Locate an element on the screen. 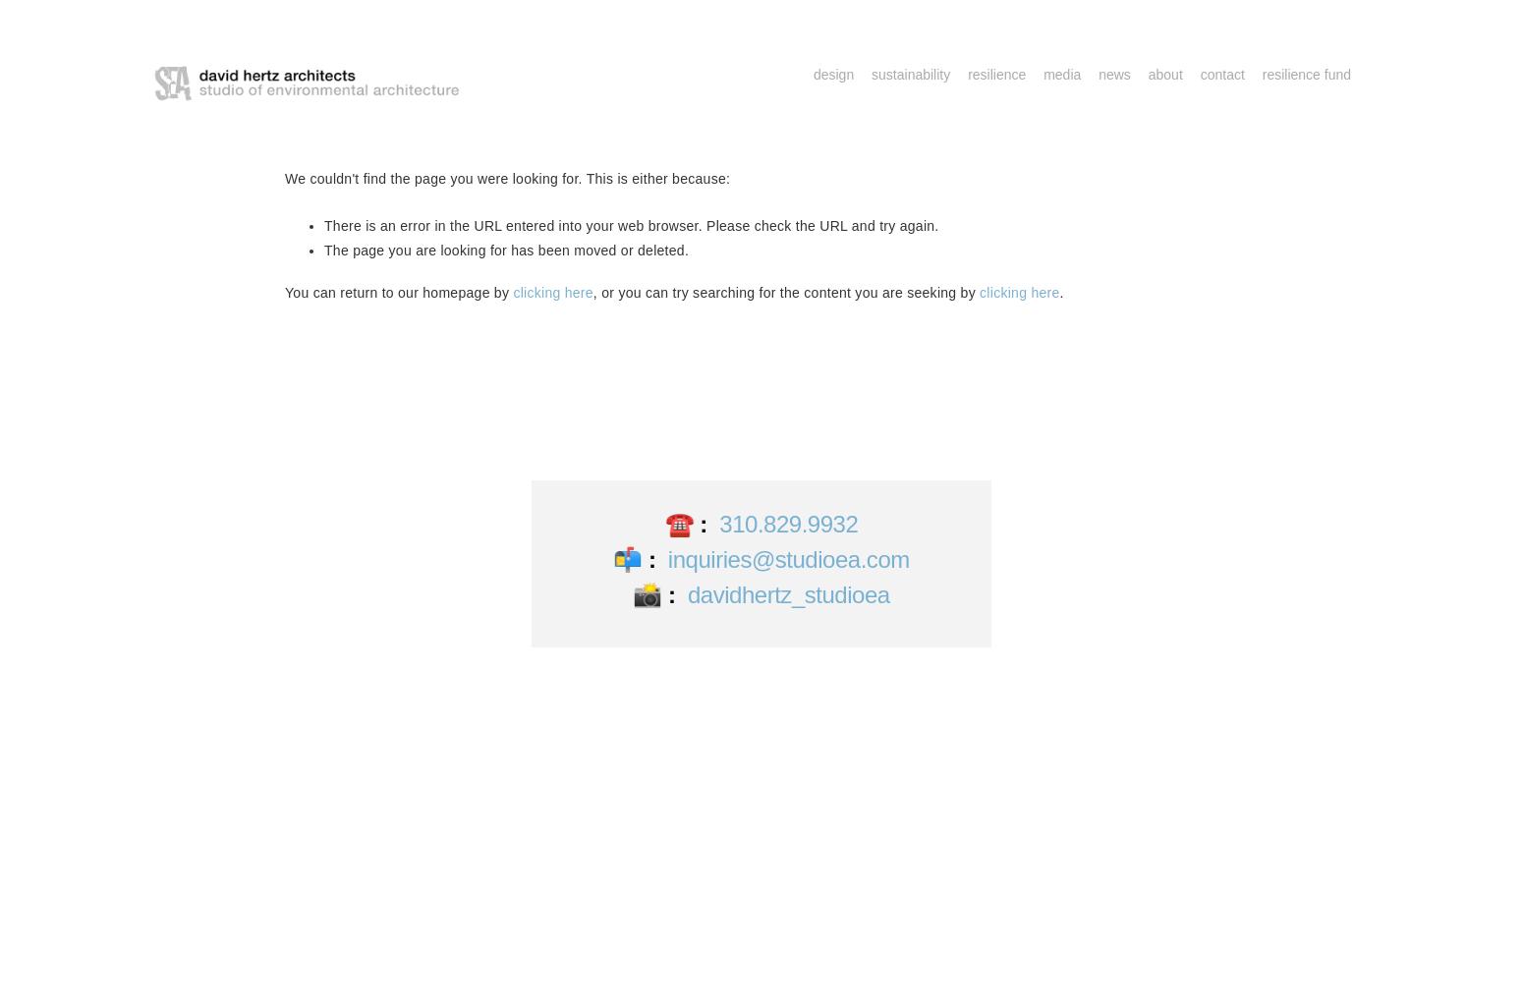 The width and height of the screenshot is (1523, 1005). 'Special Projects' is located at coordinates (811, 162).